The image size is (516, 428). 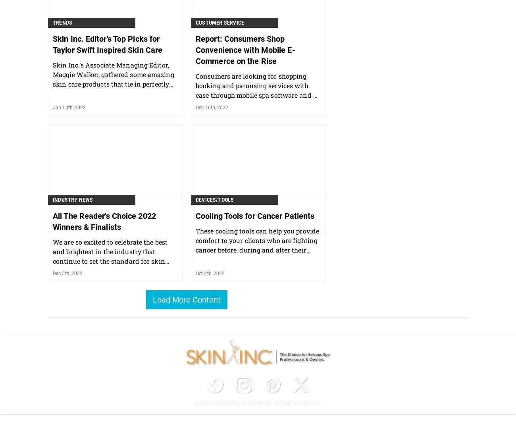 What do you see at coordinates (210, 273) in the screenshot?
I see `'Oct 4th, 2022'` at bounding box center [210, 273].